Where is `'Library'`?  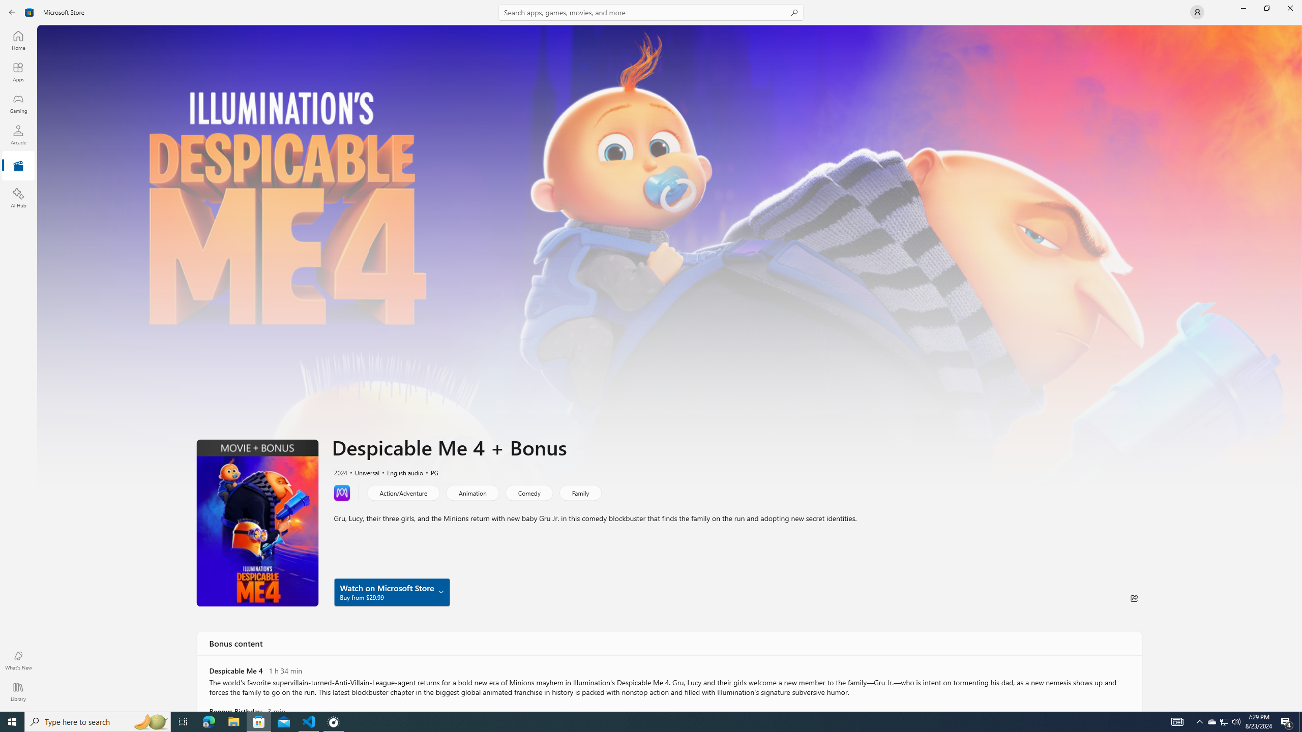 'Library' is located at coordinates (17, 691).